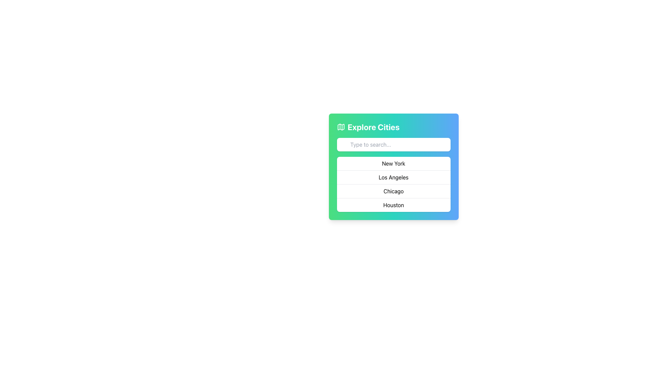 The image size is (649, 365). What do you see at coordinates (341, 127) in the screenshot?
I see `the small map icon with white strokes on a green background, located to the left of the 'Explore Cities' text at the top of the interface` at bounding box center [341, 127].